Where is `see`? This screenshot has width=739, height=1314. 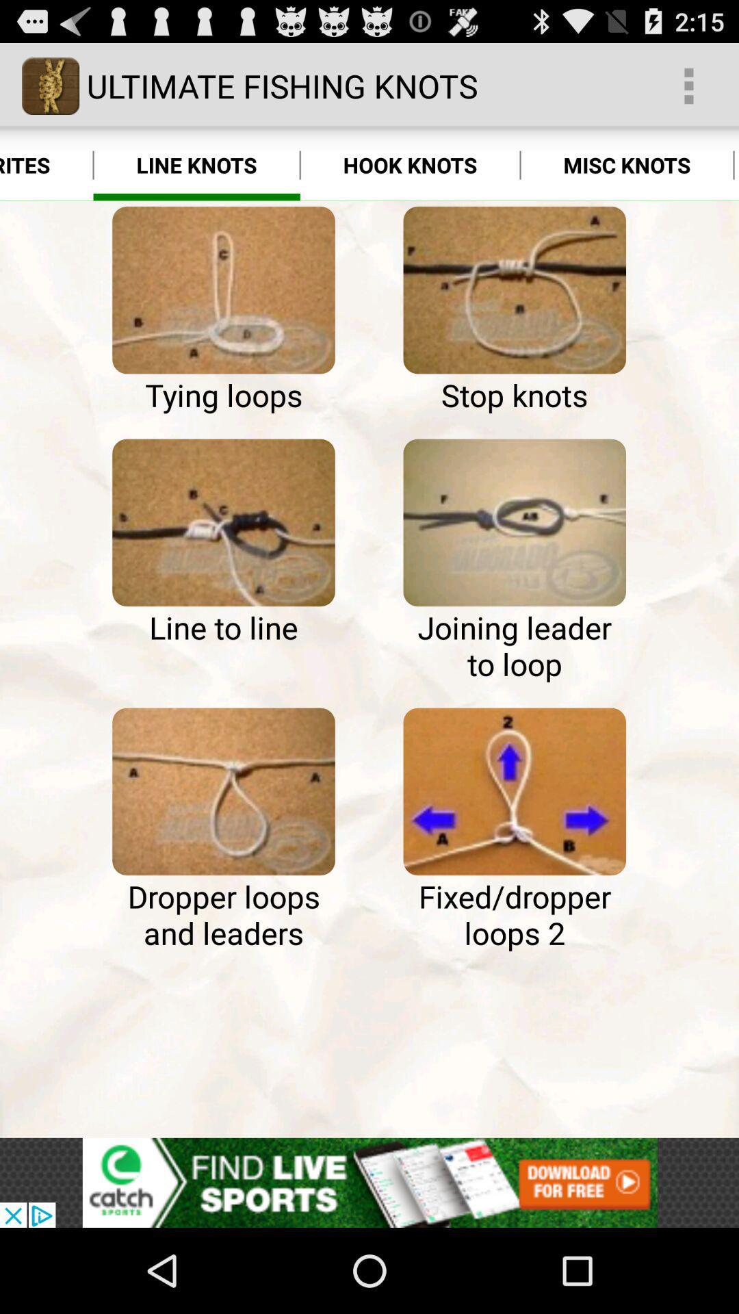 see is located at coordinates (223, 521).